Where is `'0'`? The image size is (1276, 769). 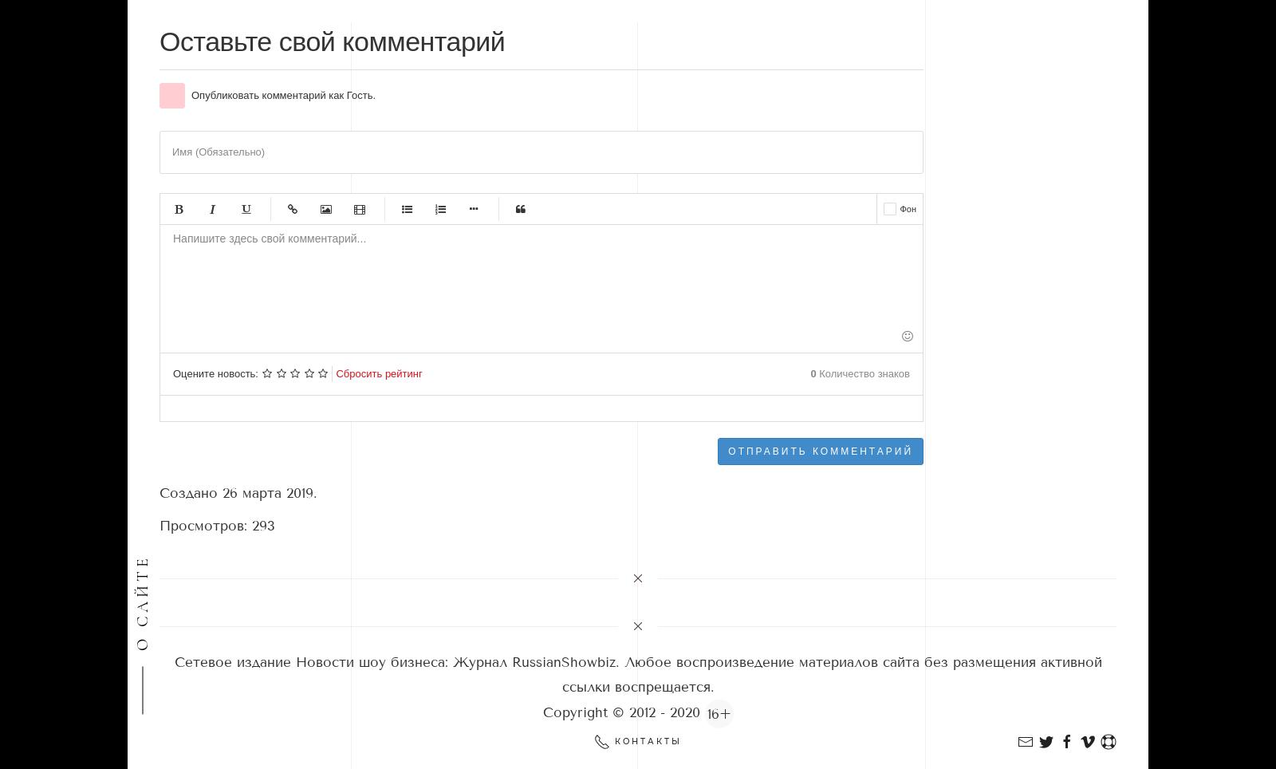
'0' is located at coordinates (813, 373).